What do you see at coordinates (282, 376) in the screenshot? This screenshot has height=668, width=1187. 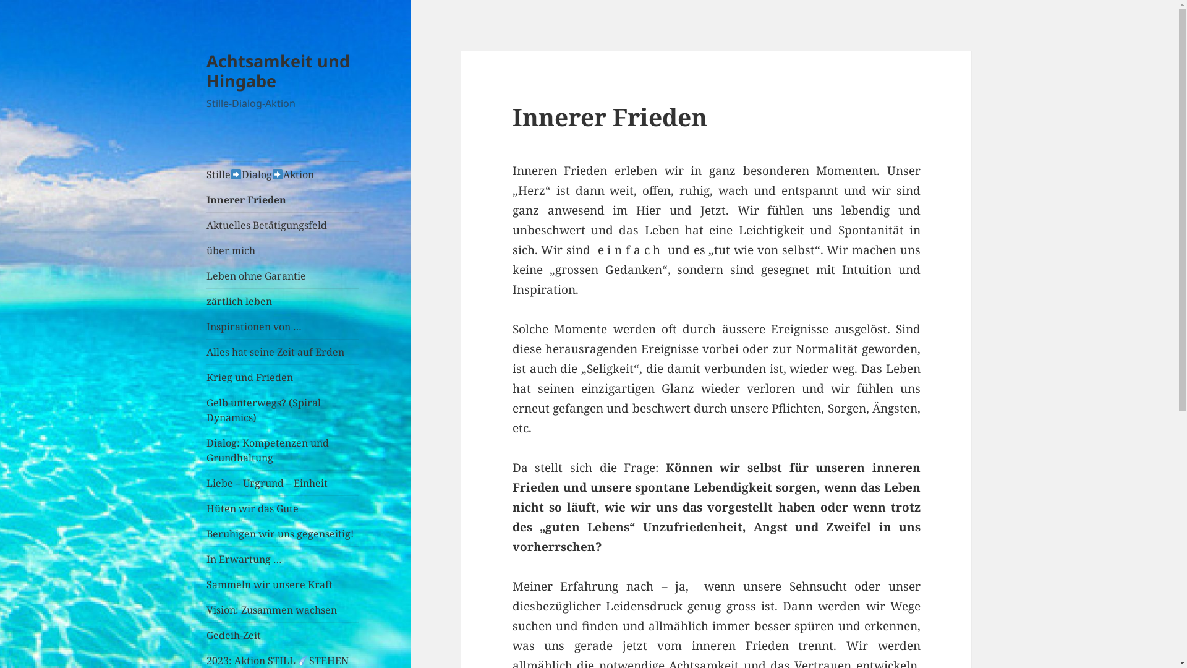 I see `'Krieg und Frieden'` at bounding box center [282, 376].